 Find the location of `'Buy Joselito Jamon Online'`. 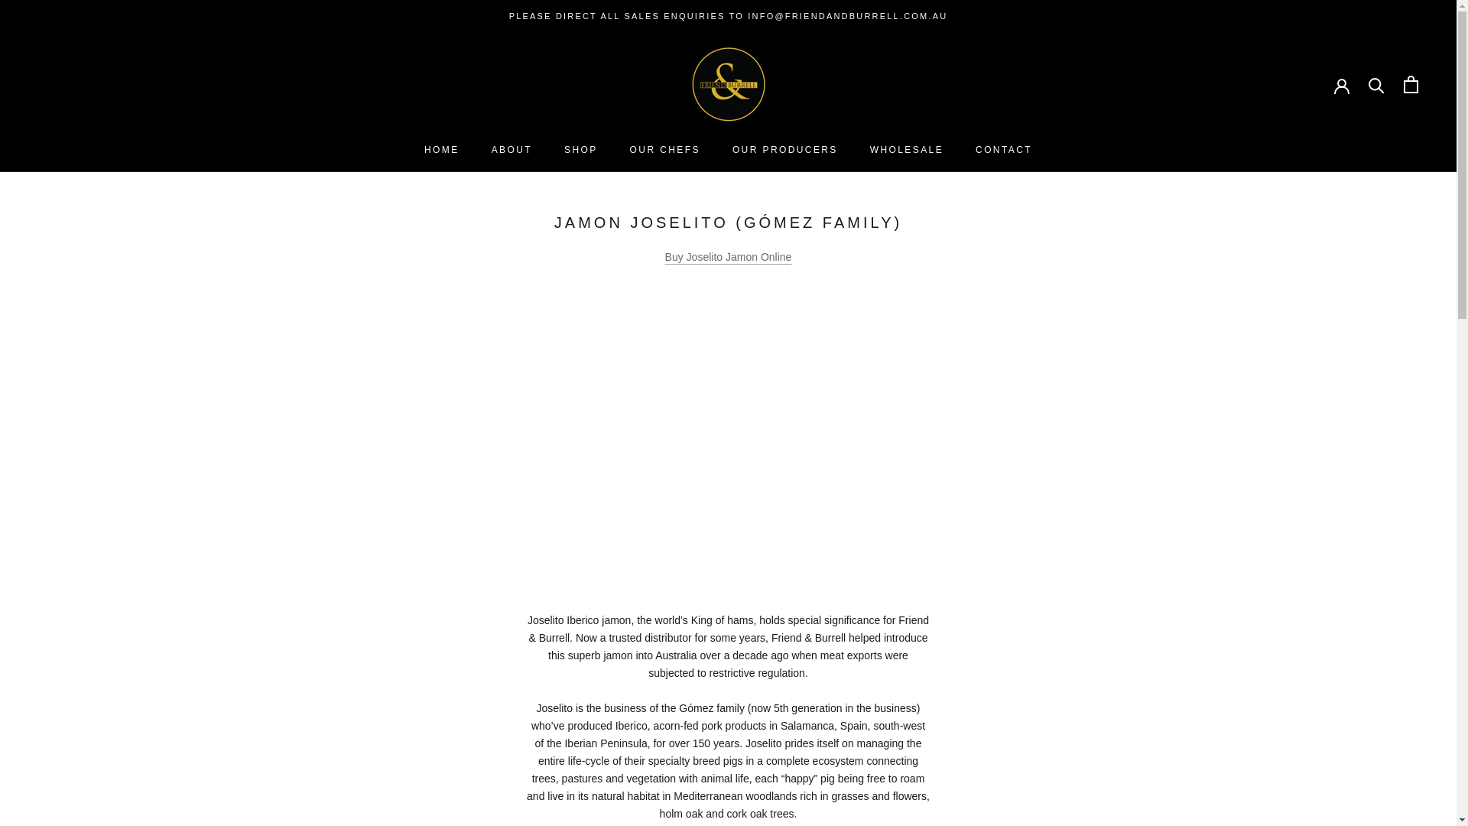

'Buy Joselito Jamon Online' is located at coordinates (664, 255).